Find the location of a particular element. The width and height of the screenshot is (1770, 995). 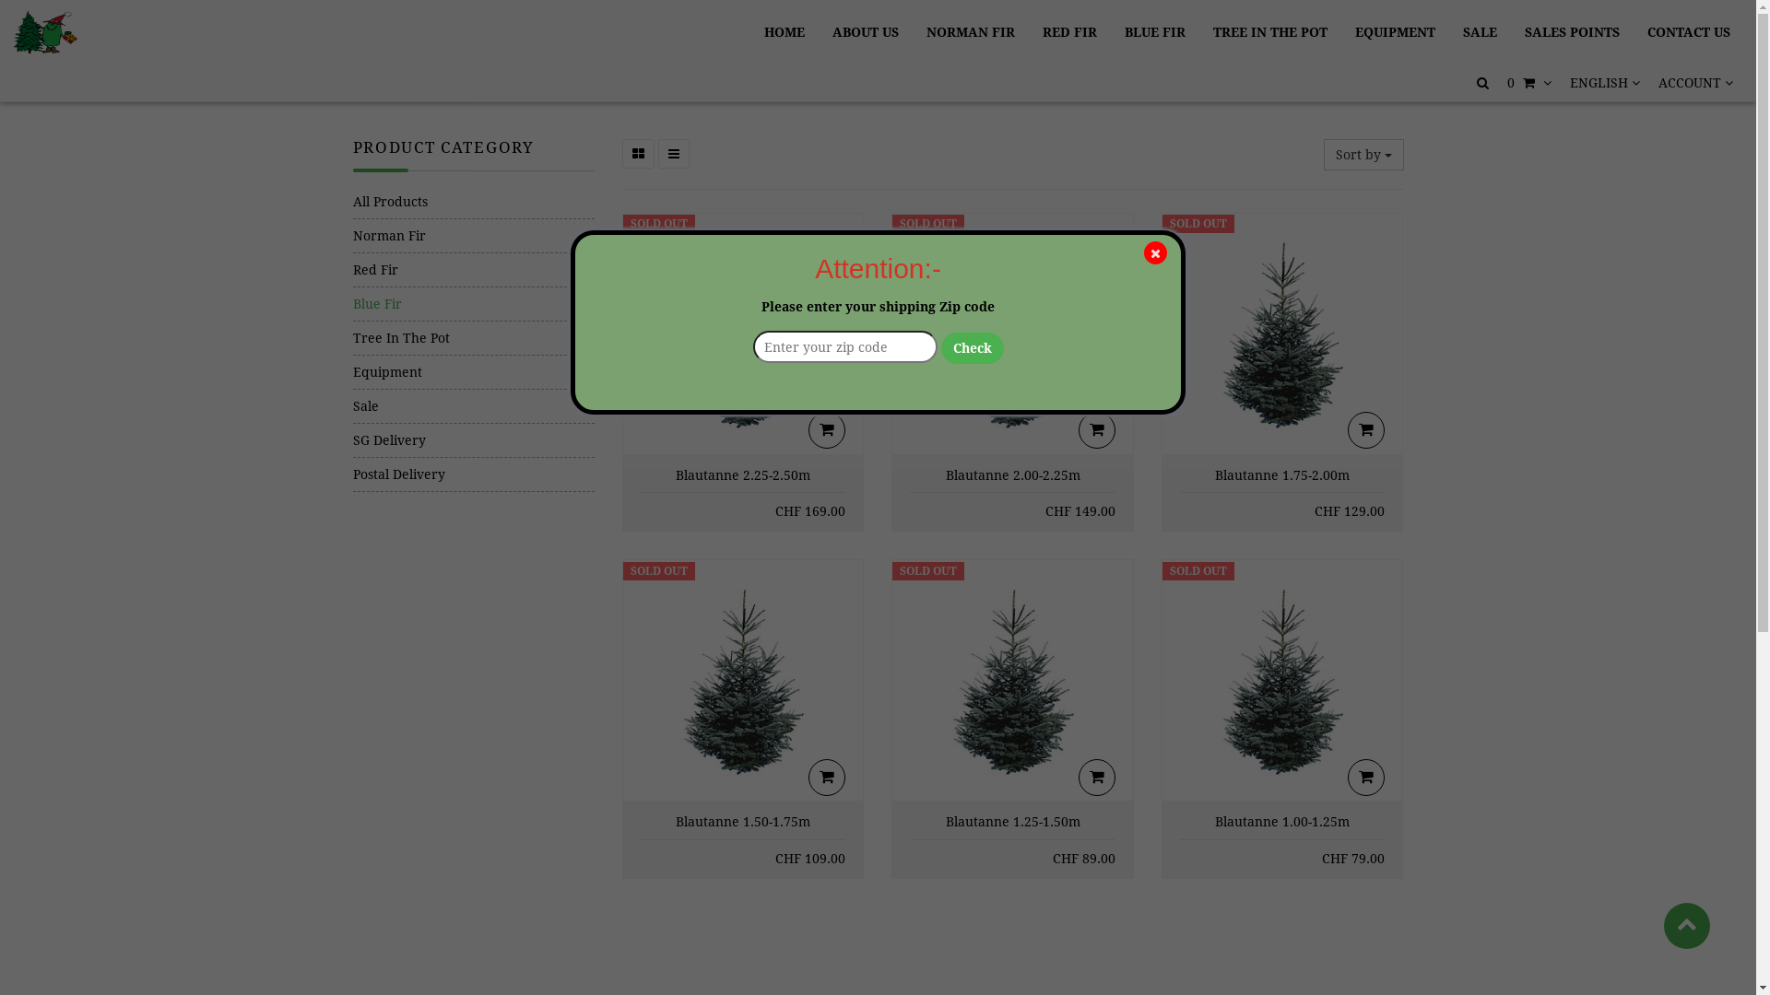

'SALE' is located at coordinates (1480, 31).